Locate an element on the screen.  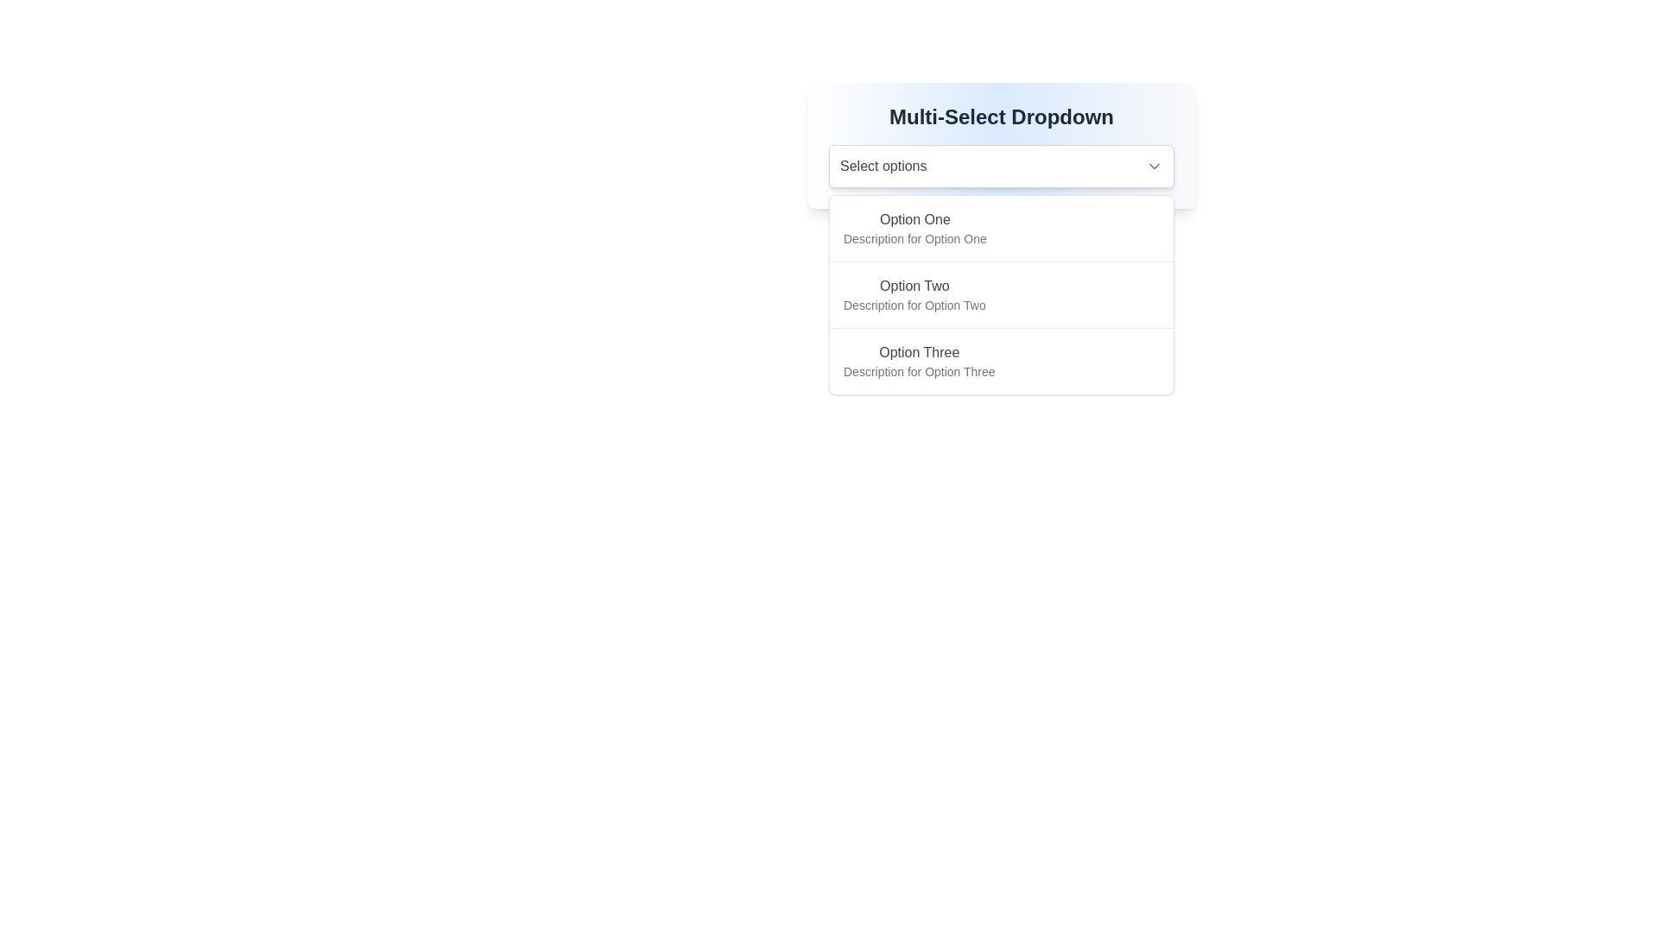
the static text label "Select options" located within the dropdown interface, which is styled with a grayish hue and a white background is located at coordinates (883, 166).